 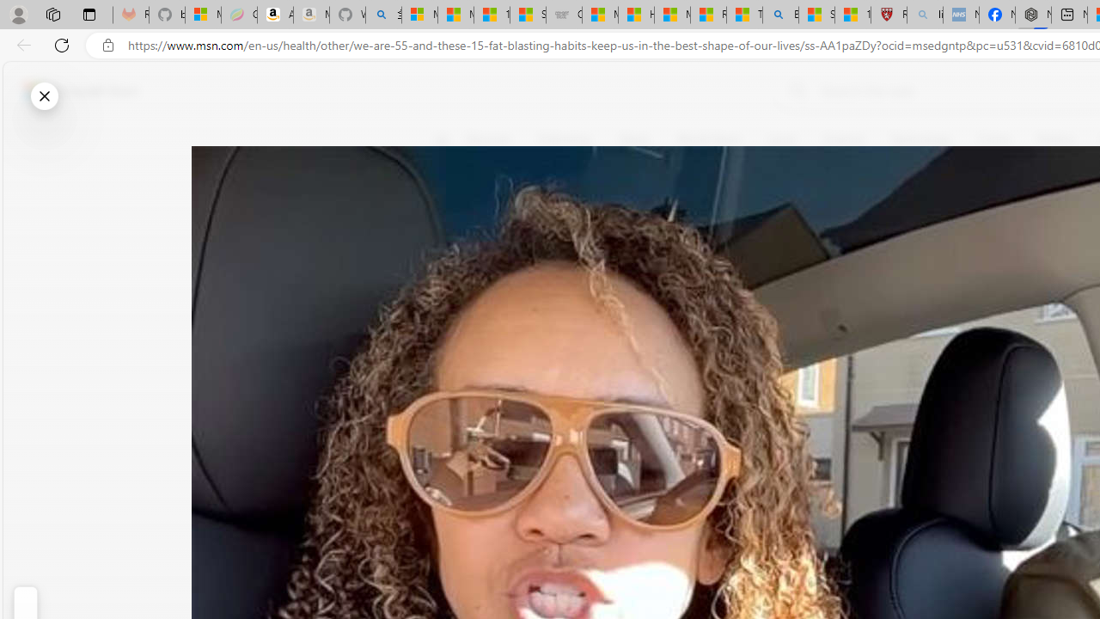 I want to click on 'NCL Adult Asthma Inhaler Choice Guideline - Sleeping', so click(x=960, y=15).